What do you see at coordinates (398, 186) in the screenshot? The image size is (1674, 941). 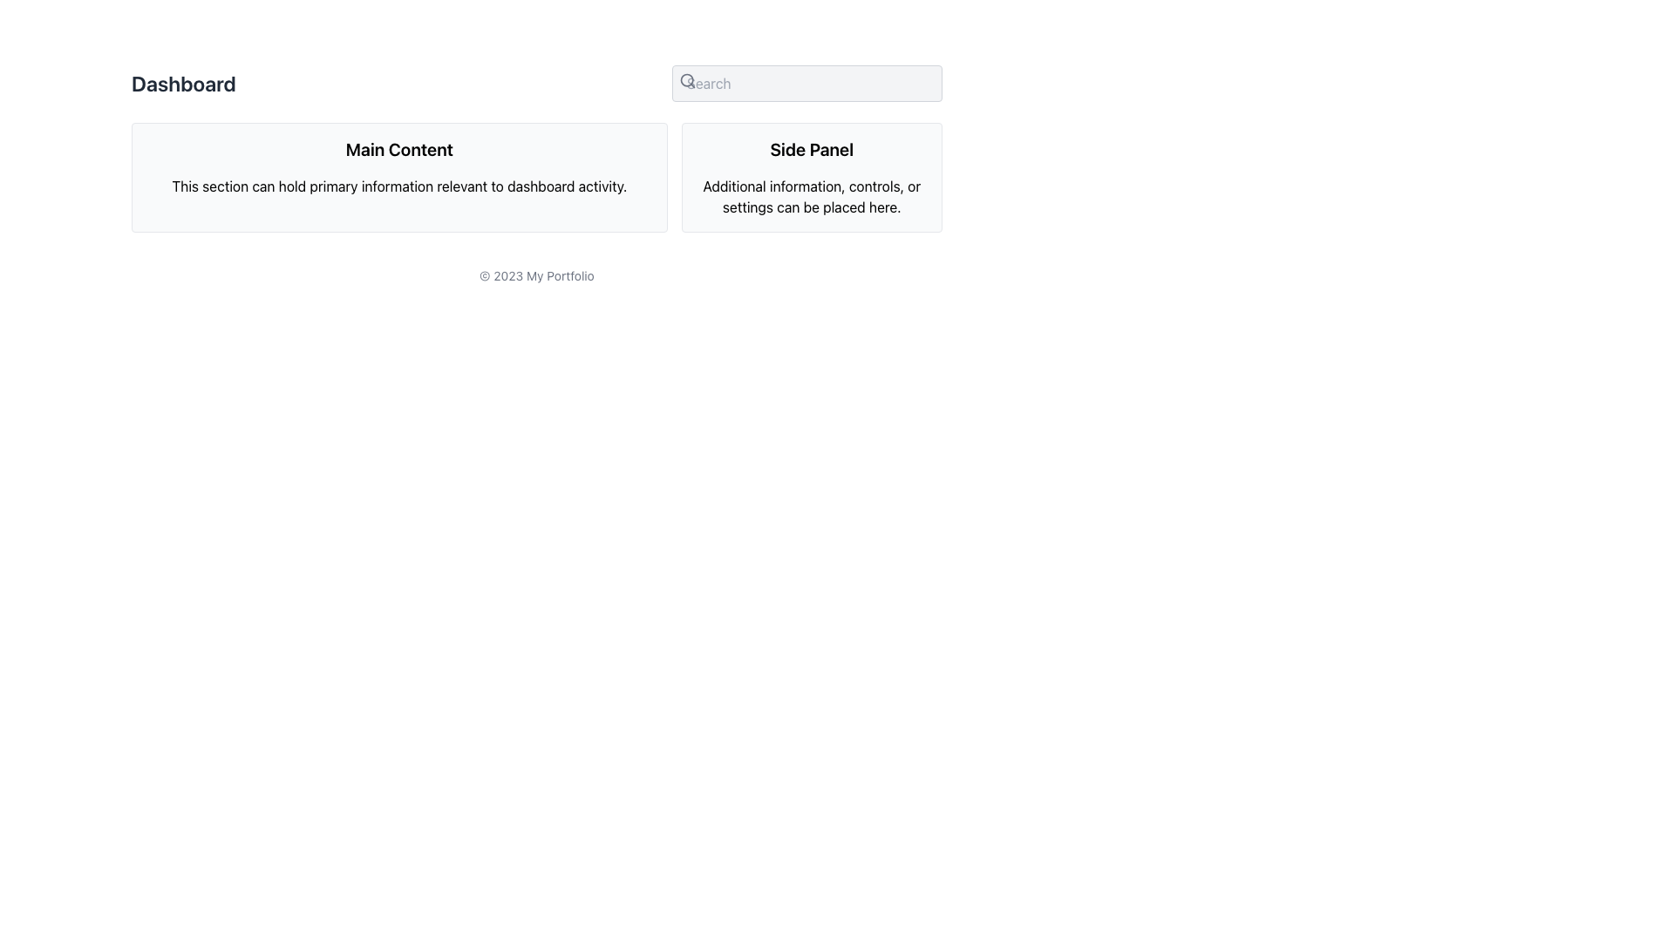 I see `the descriptive Text block located directly below the header text 'Main Content' on the dashboard, which provides context or guidance to the user` at bounding box center [398, 186].